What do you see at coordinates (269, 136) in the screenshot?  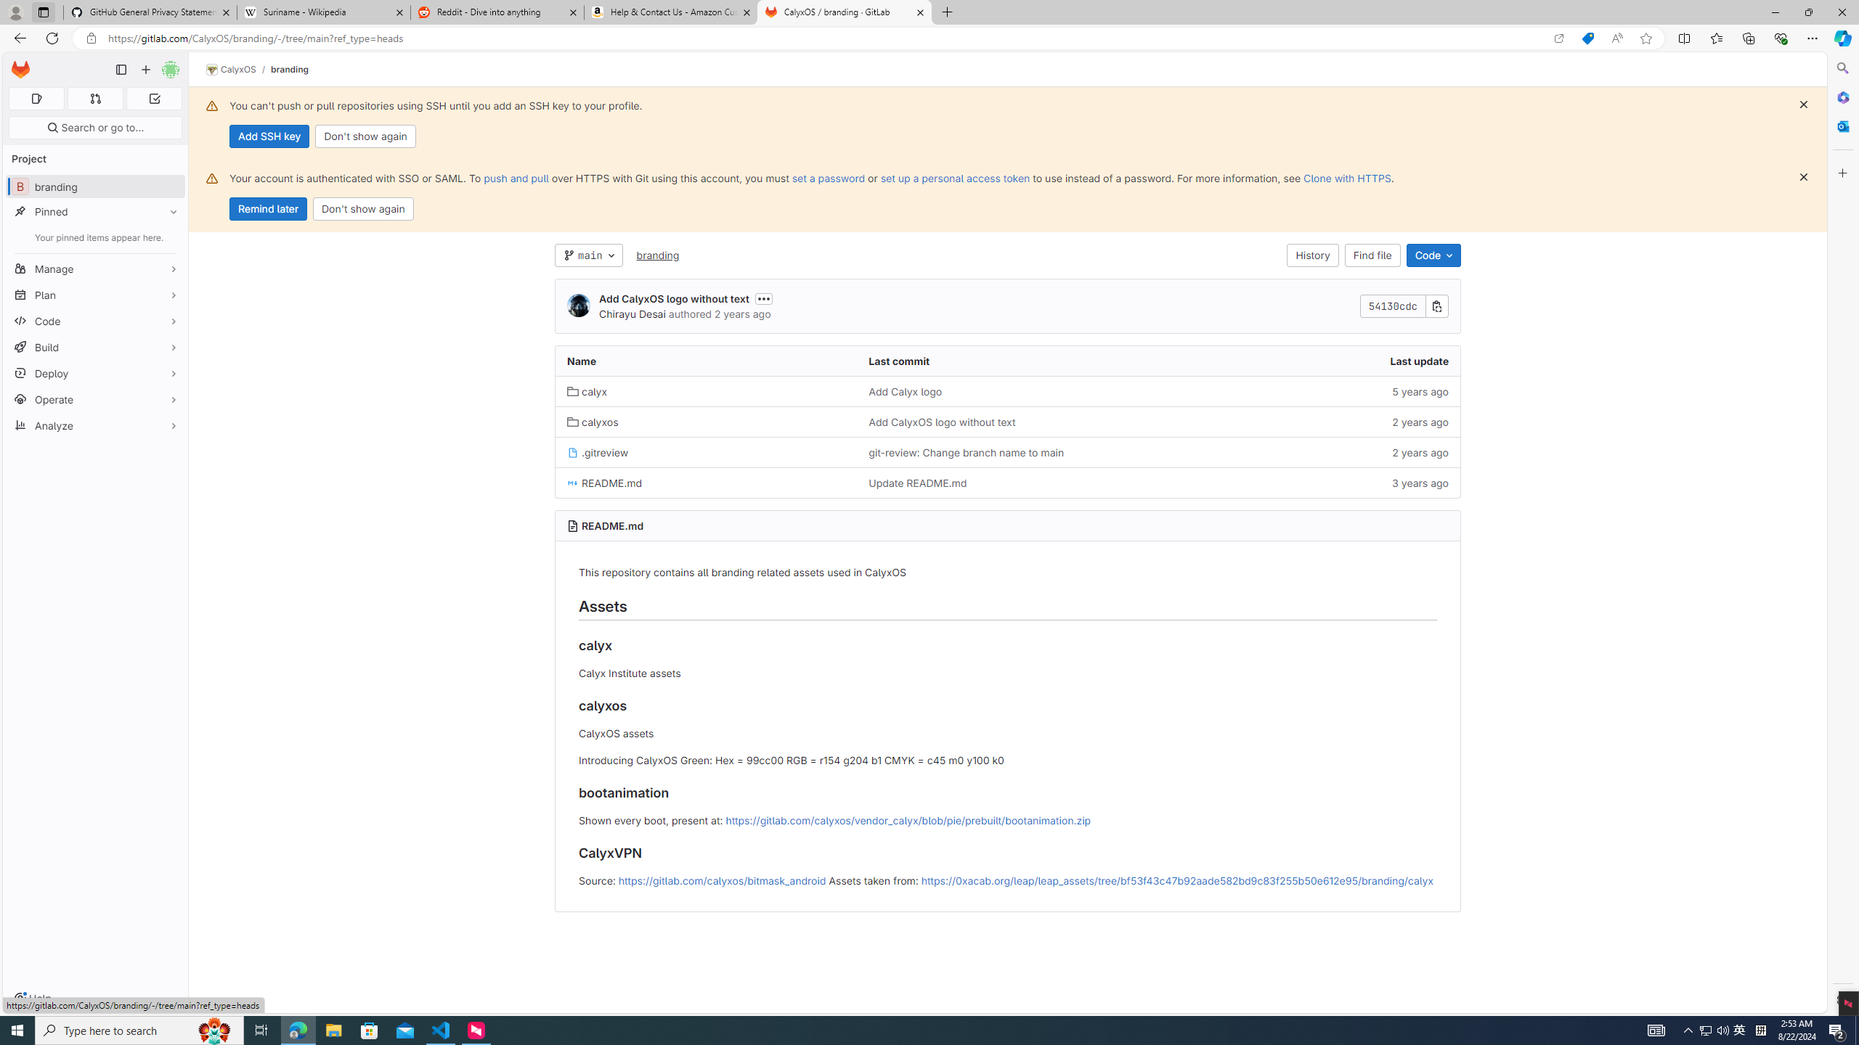 I see `'Add SSH key'` at bounding box center [269, 136].